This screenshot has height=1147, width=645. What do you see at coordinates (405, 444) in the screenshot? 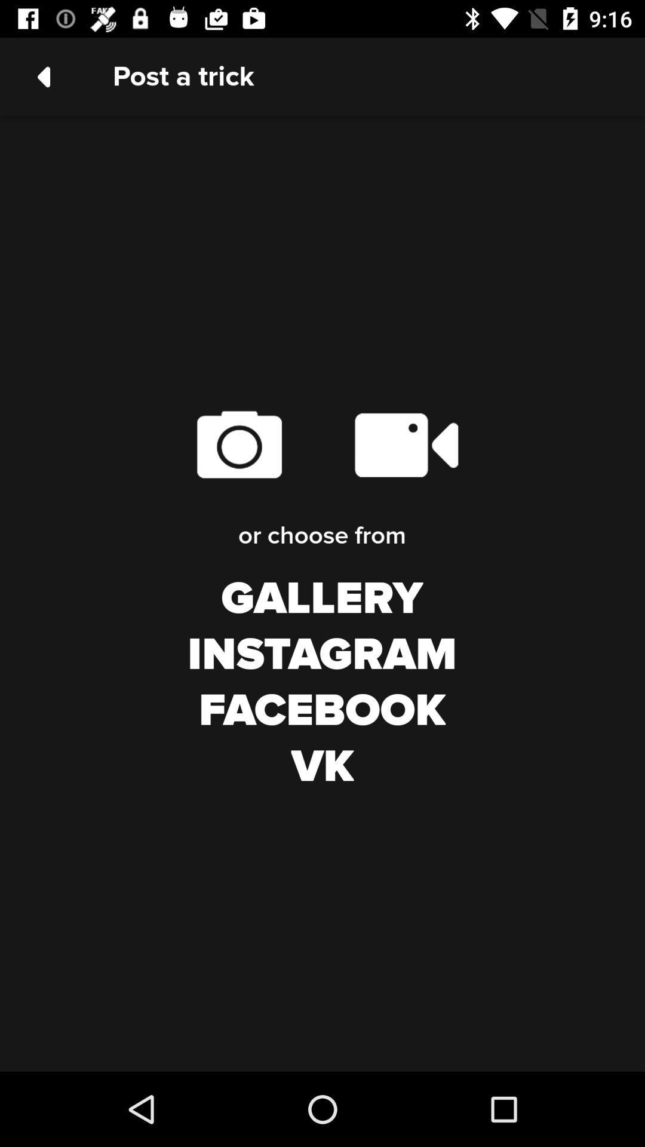
I see `the icon above or choose from item` at bounding box center [405, 444].